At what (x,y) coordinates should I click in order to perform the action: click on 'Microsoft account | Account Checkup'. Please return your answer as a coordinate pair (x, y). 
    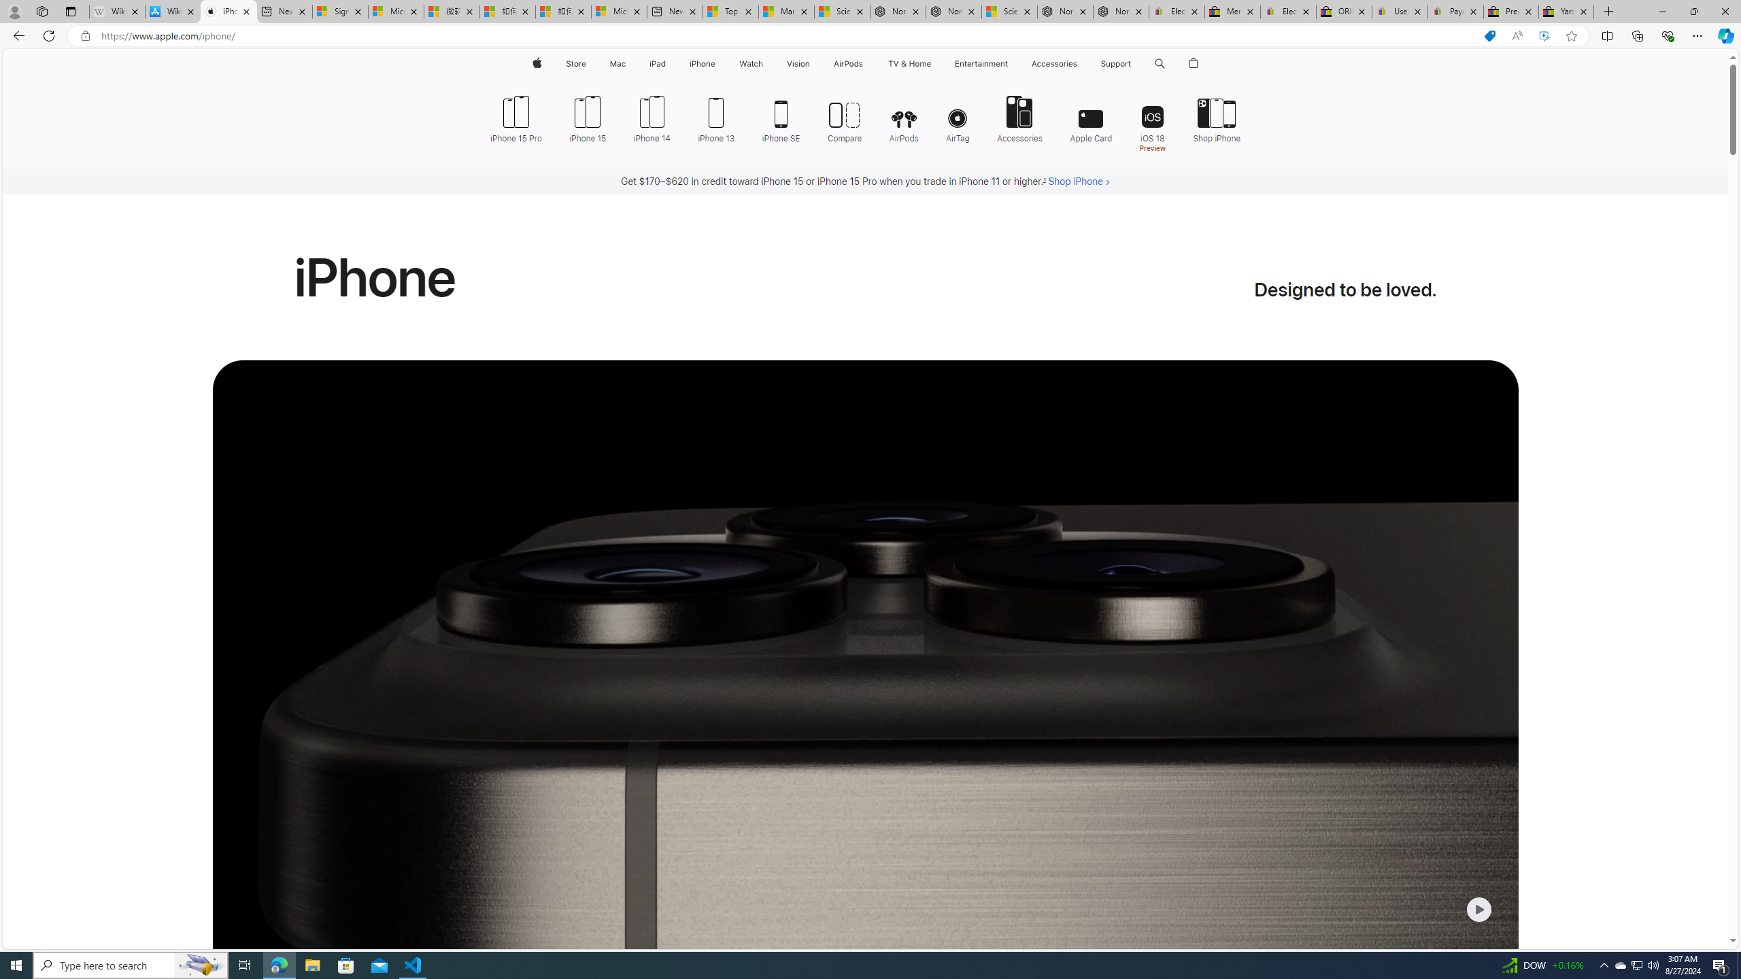
    Looking at the image, I should click on (618, 11).